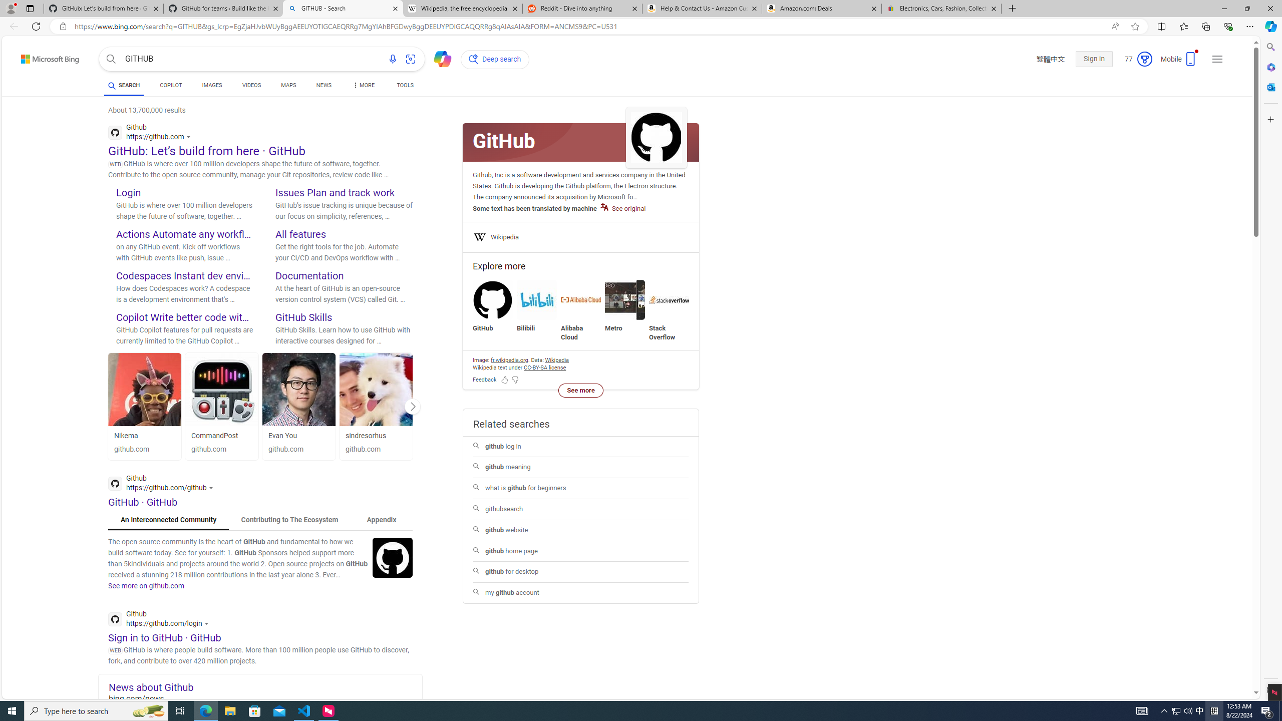  I want to click on 'Dropdown Menu', so click(363, 85).